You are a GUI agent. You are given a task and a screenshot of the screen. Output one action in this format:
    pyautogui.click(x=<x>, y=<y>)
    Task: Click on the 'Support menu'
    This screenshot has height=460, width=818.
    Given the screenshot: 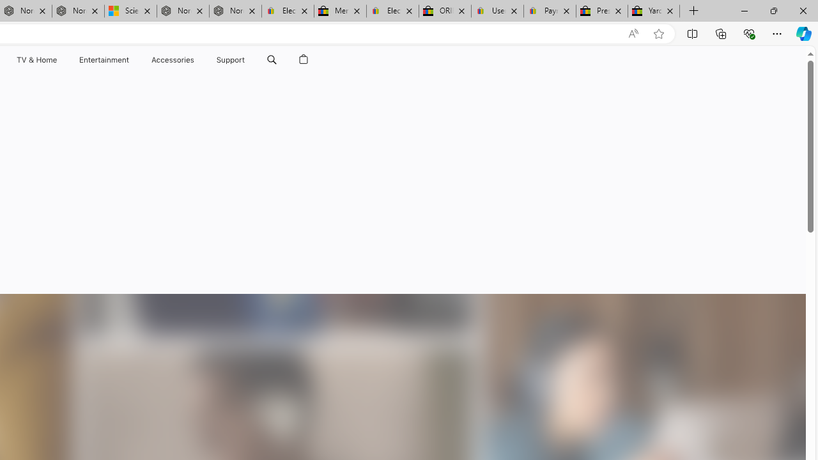 What is the action you would take?
    pyautogui.click(x=247, y=59)
    